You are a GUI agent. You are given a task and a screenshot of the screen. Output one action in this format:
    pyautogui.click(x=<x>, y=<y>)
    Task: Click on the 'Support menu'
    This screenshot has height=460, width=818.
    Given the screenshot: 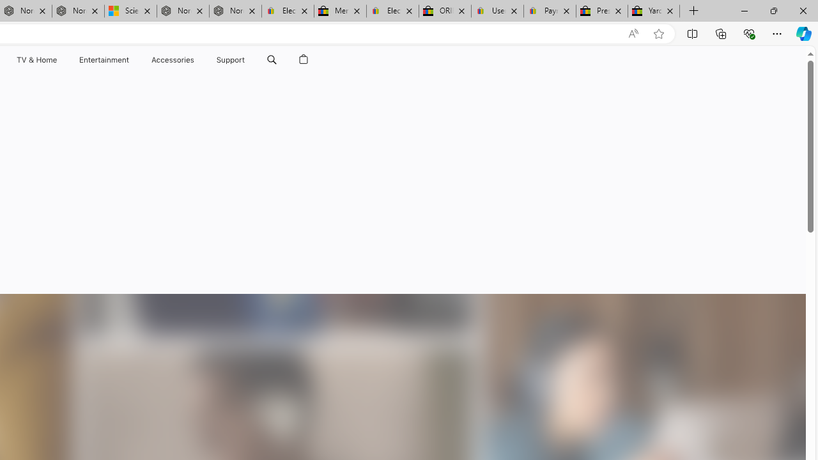 What is the action you would take?
    pyautogui.click(x=247, y=59)
    